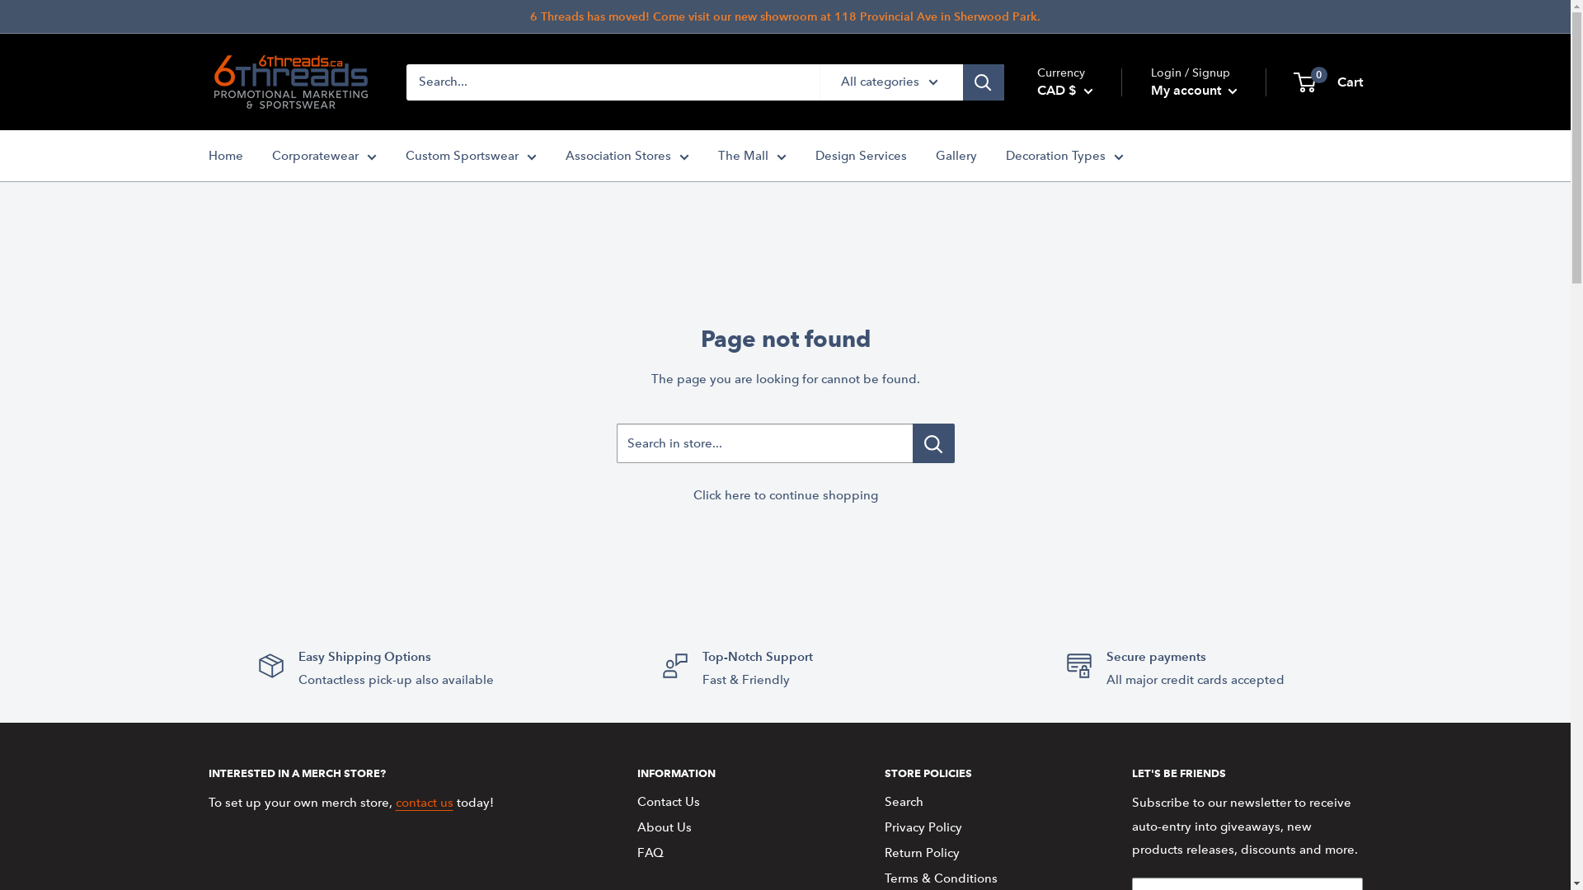 This screenshot has width=1583, height=890. Describe the element at coordinates (207, 156) in the screenshot. I see `'Home'` at that location.